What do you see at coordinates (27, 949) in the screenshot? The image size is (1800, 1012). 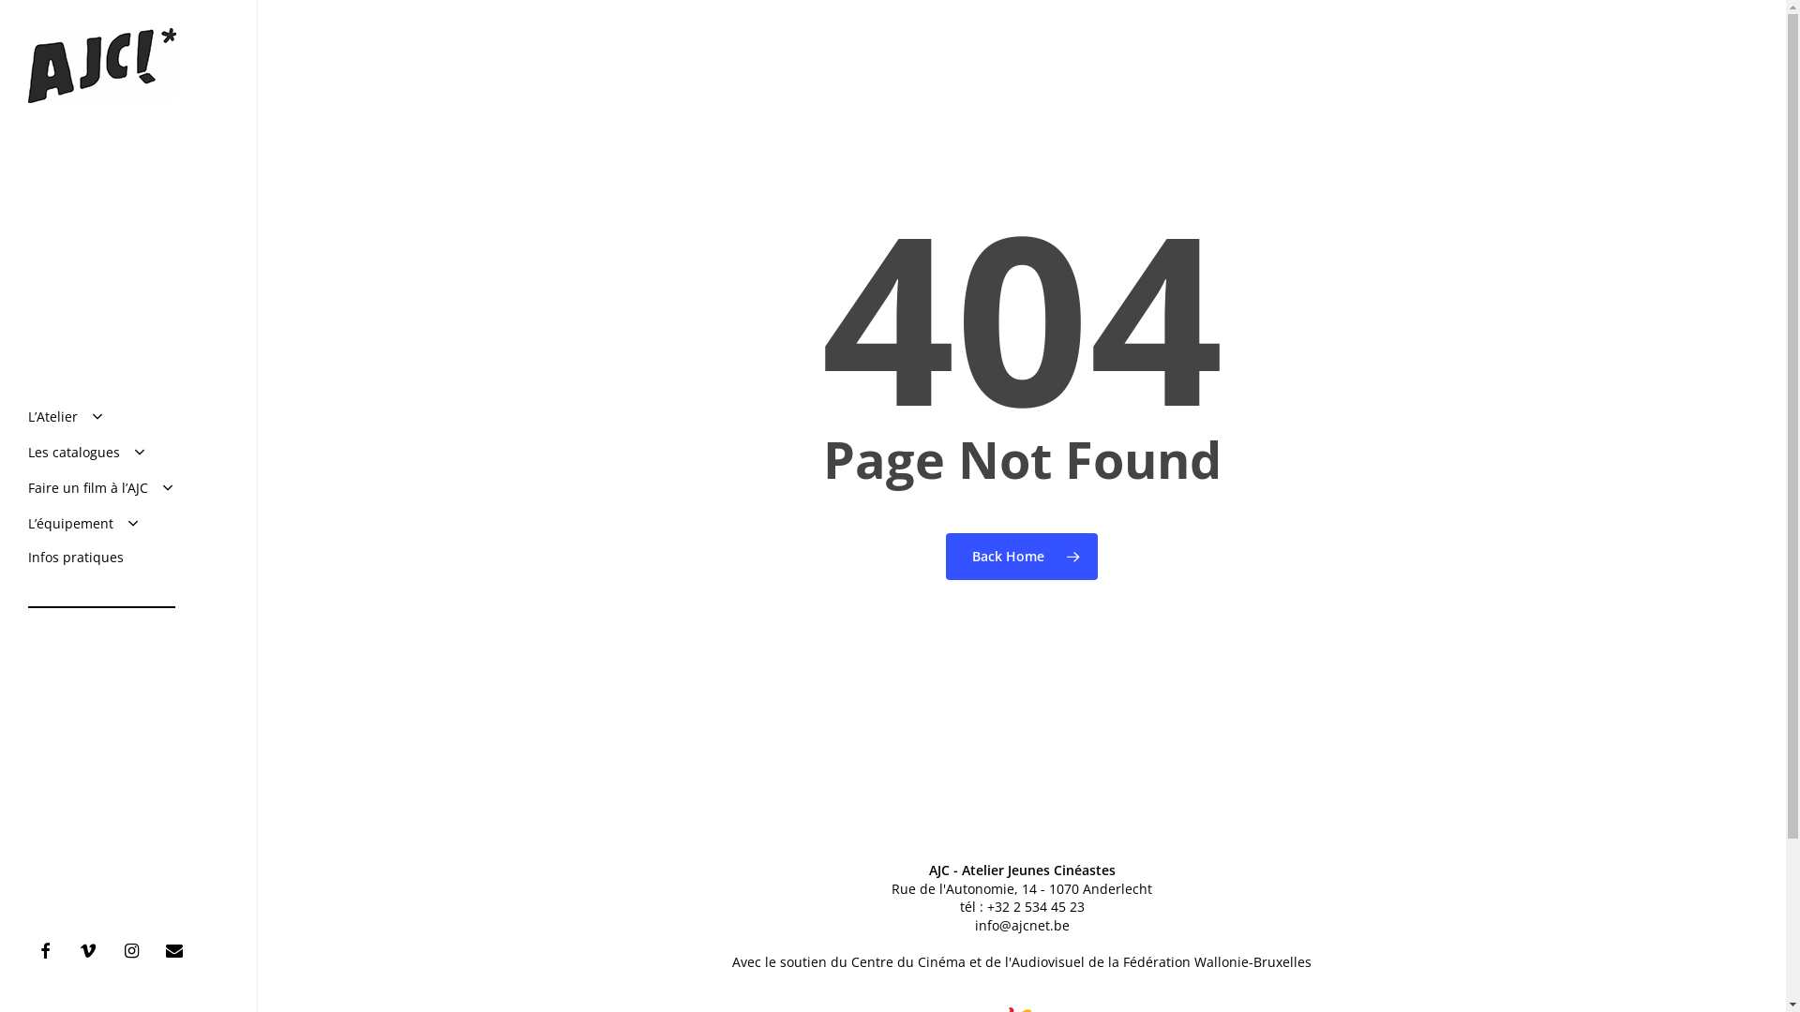 I see `'facebook'` at bounding box center [27, 949].